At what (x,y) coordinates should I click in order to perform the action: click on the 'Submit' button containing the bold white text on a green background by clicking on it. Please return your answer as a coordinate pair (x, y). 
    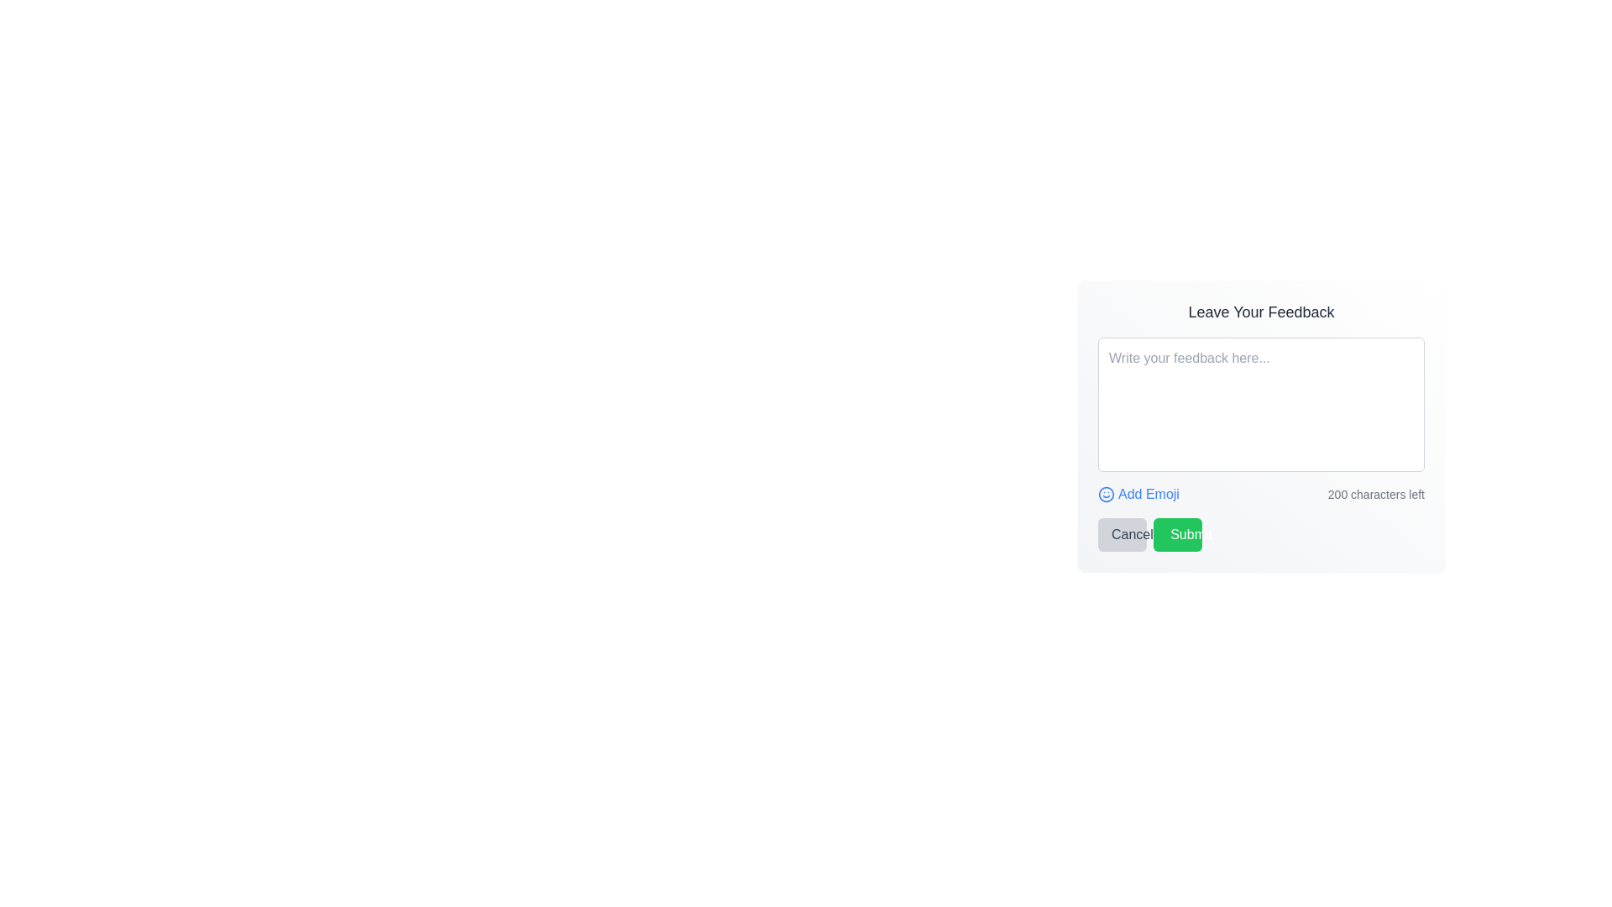
    Looking at the image, I should click on (1191, 534).